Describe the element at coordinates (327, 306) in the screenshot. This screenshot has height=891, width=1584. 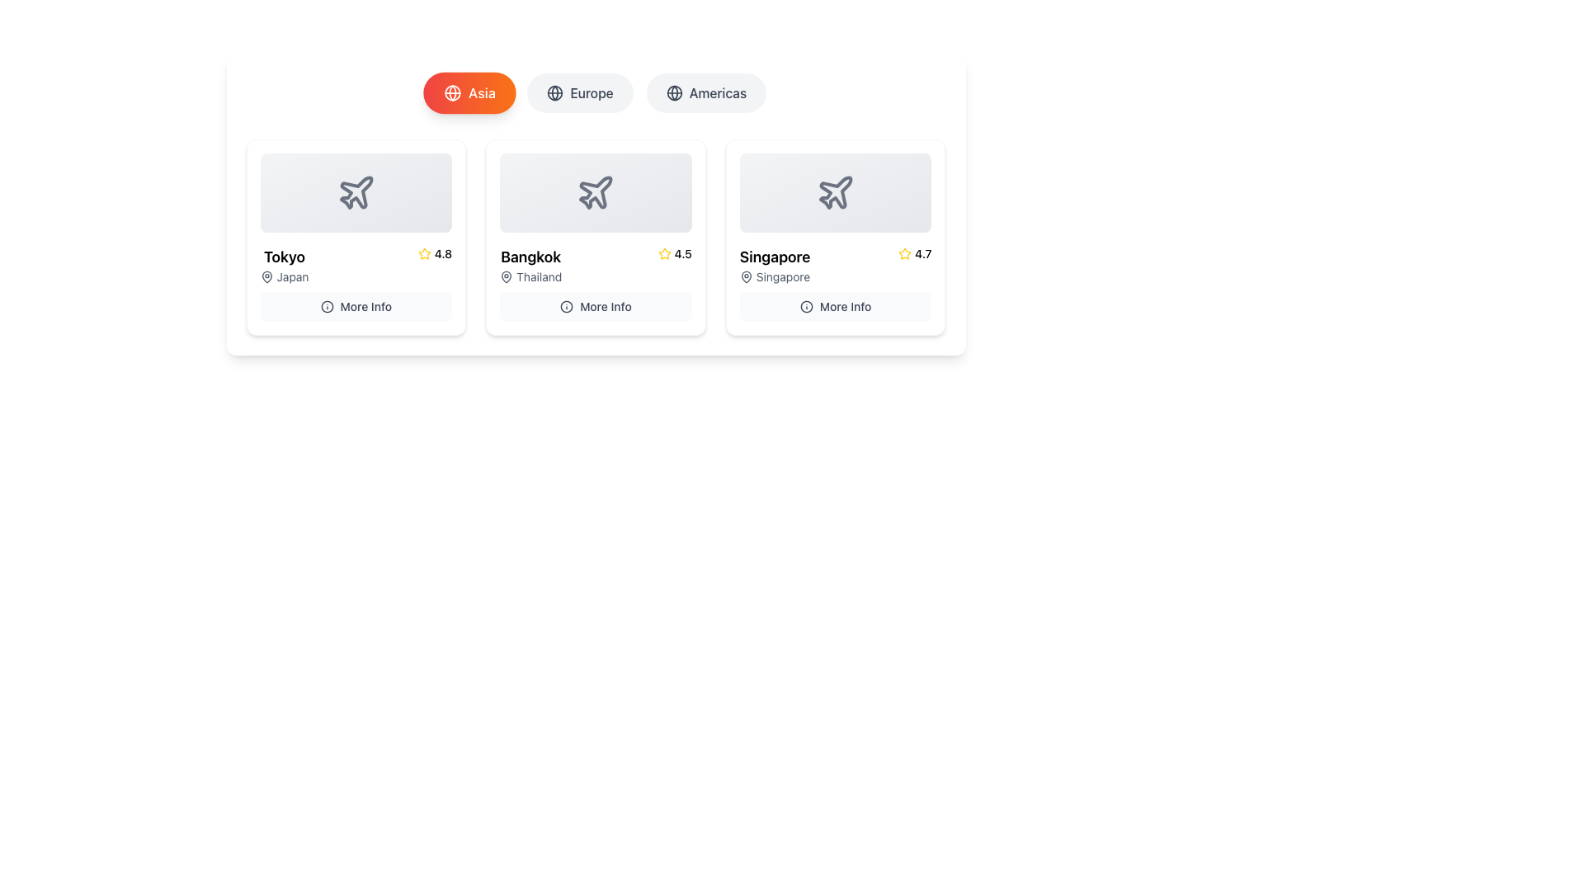
I see `the circular 'More Info' icon with a lowercase 'i' in the center, located in the first card of the 'Asia' section associated with Tokyo` at that location.